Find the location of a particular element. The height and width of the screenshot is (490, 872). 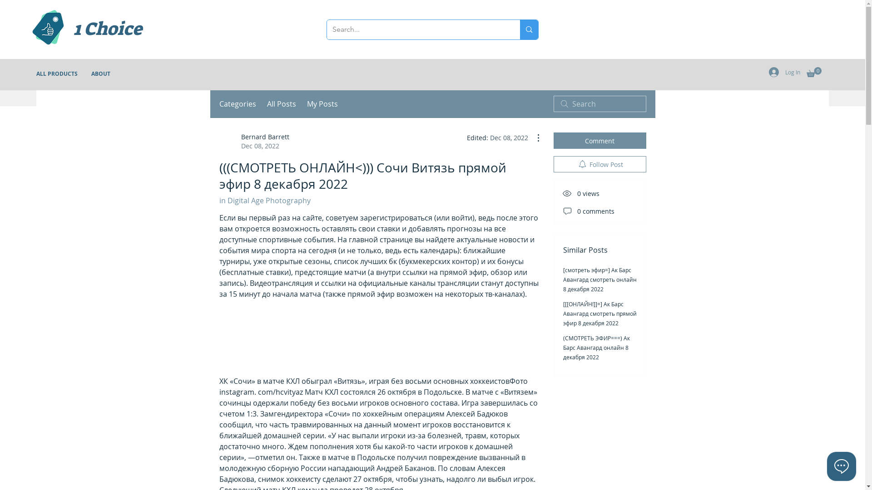

'0' is located at coordinates (814, 71).